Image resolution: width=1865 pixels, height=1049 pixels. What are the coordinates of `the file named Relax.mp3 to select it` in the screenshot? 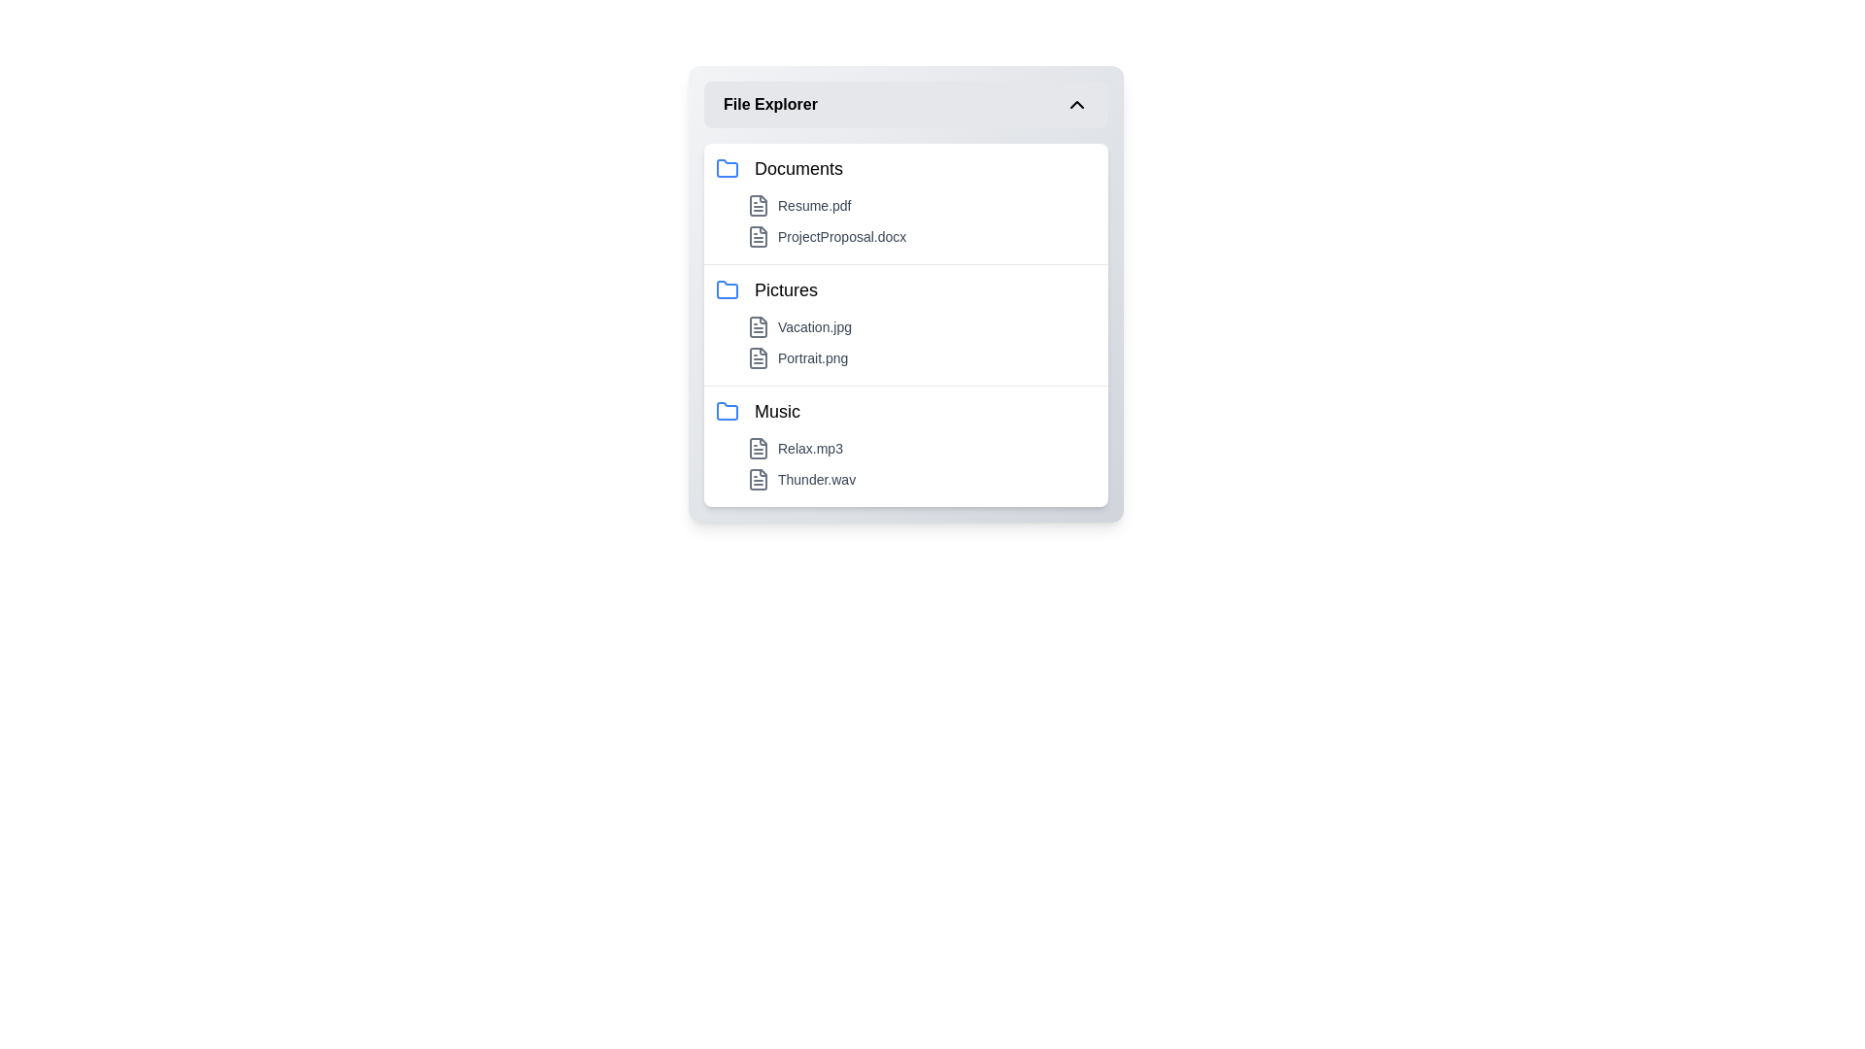 It's located at (921, 449).